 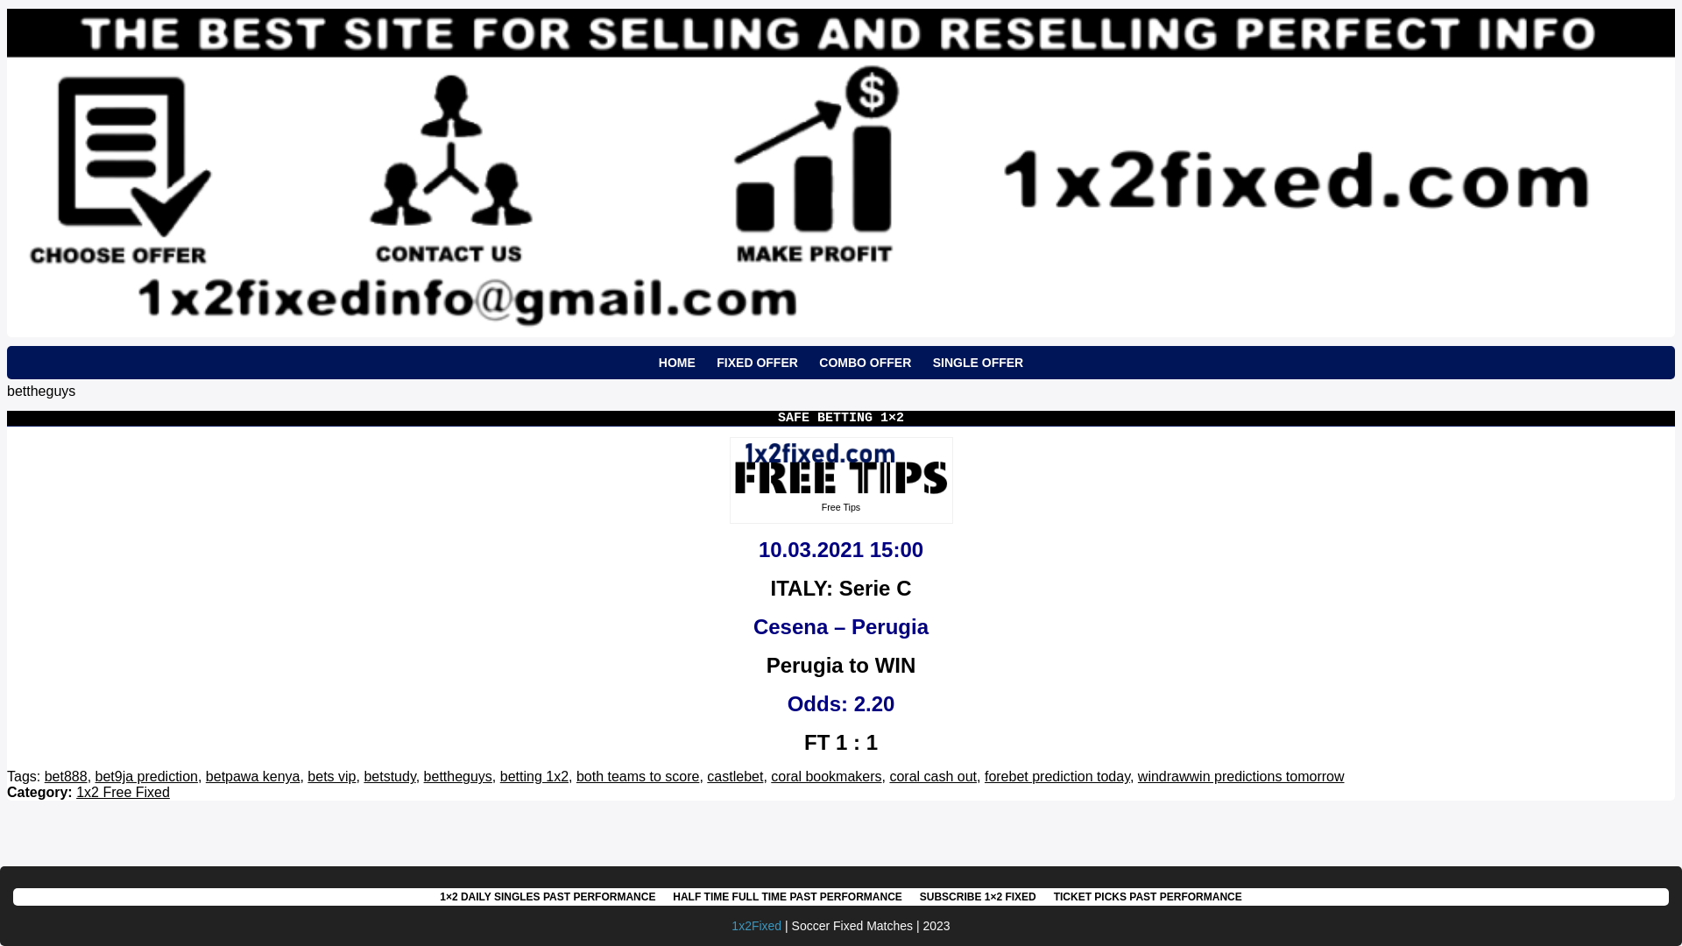 What do you see at coordinates (865, 361) in the screenshot?
I see `'COMBO OFFER'` at bounding box center [865, 361].